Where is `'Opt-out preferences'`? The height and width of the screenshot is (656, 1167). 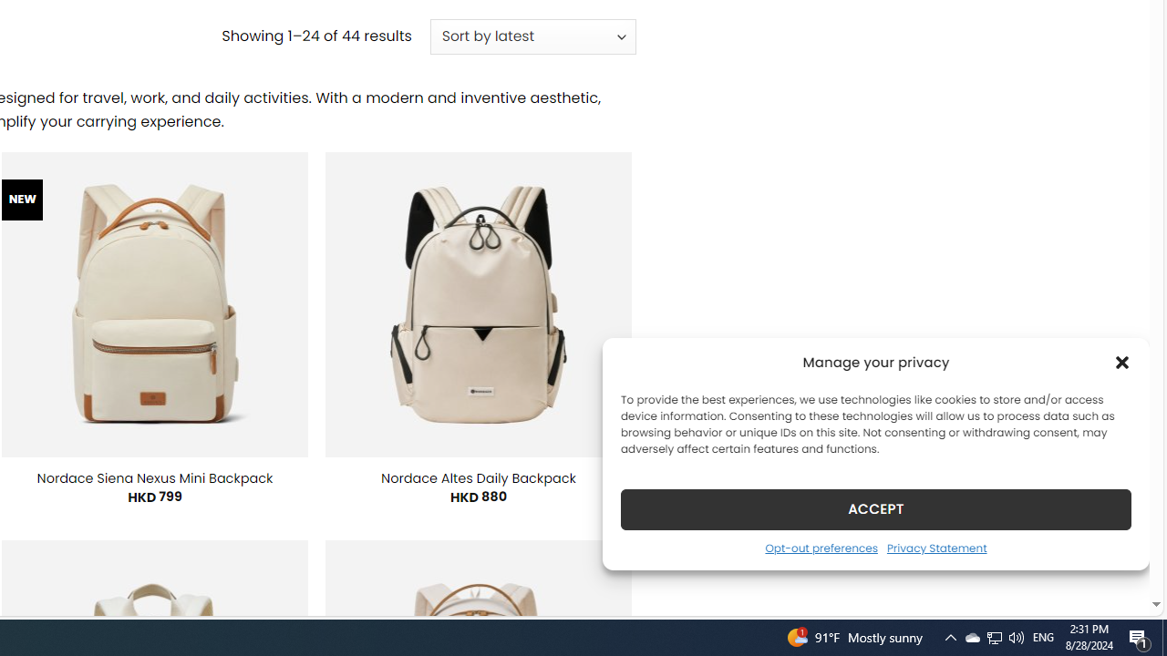
'Opt-out preferences' is located at coordinates (820, 547).